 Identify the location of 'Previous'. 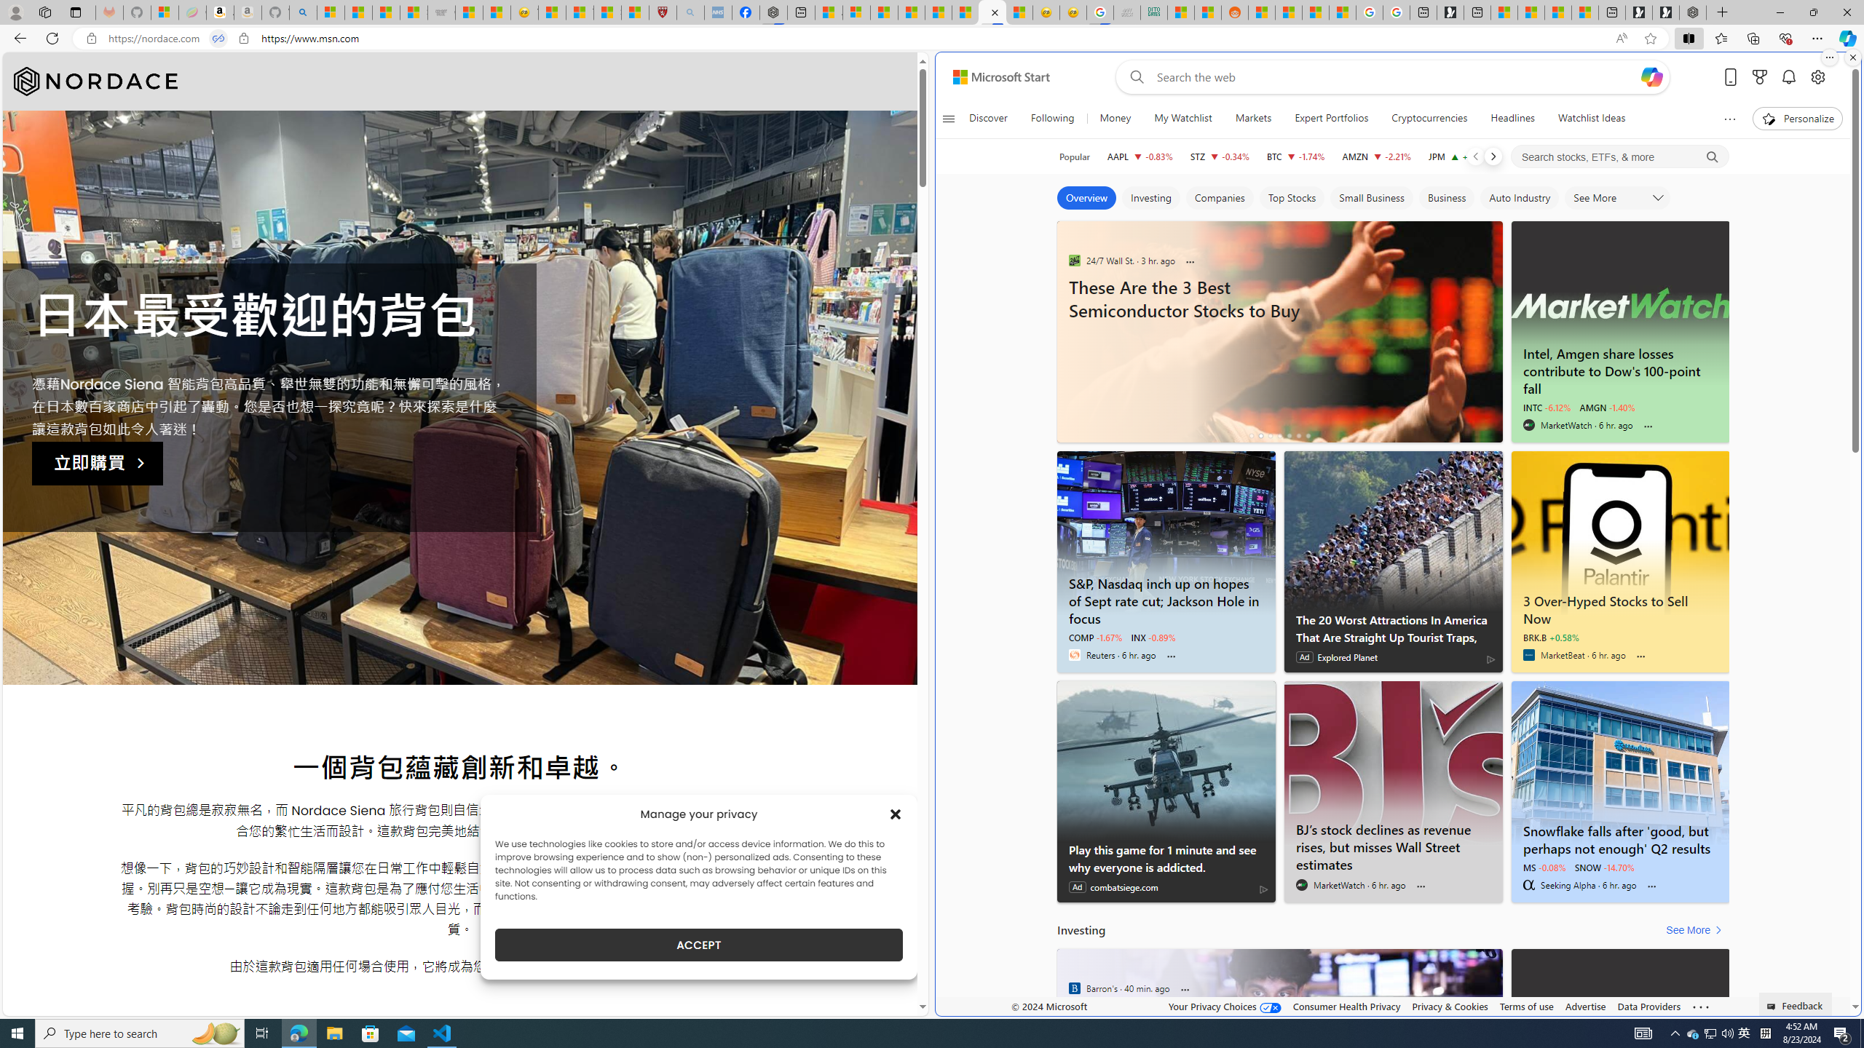
(1474, 156).